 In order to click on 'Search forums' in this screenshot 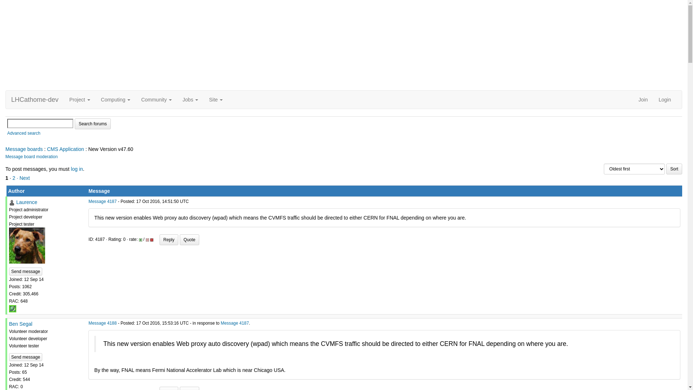, I will do `click(92, 123)`.